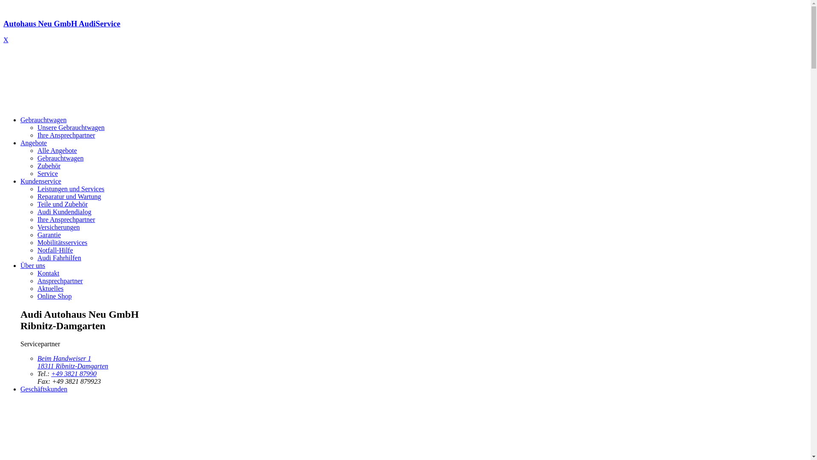  I want to click on 'Gebrauchtwagen', so click(43, 120).